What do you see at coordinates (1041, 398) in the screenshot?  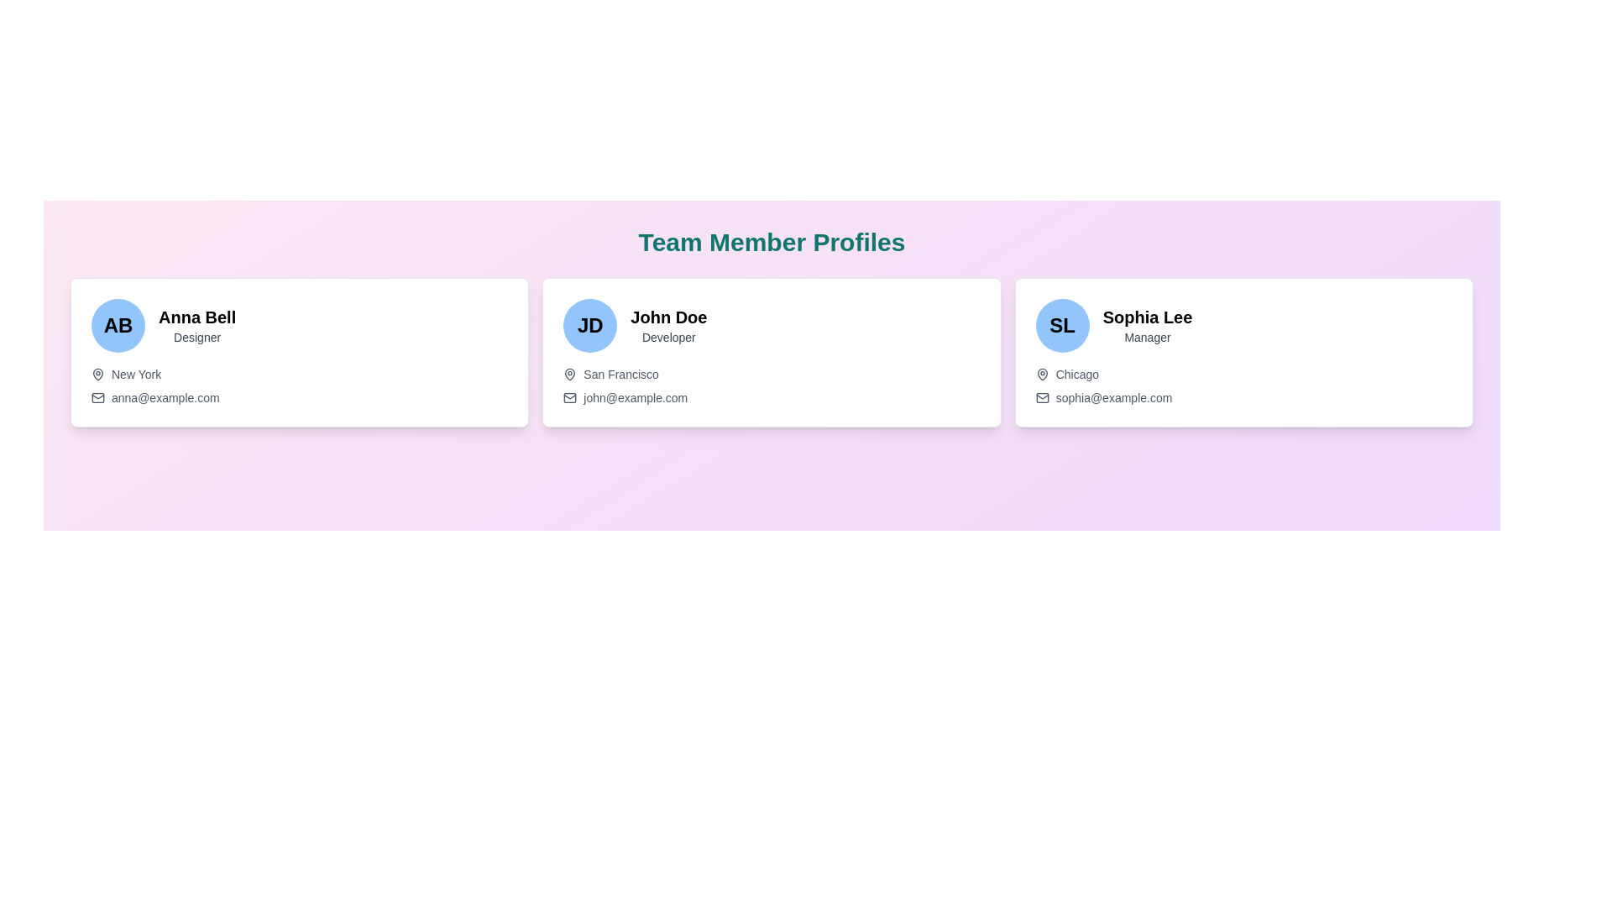 I see `the icon element located in the bottom-right corner of the card labeled 'Sophia Lee', next to the email text` at bounding box center [1041, 398].